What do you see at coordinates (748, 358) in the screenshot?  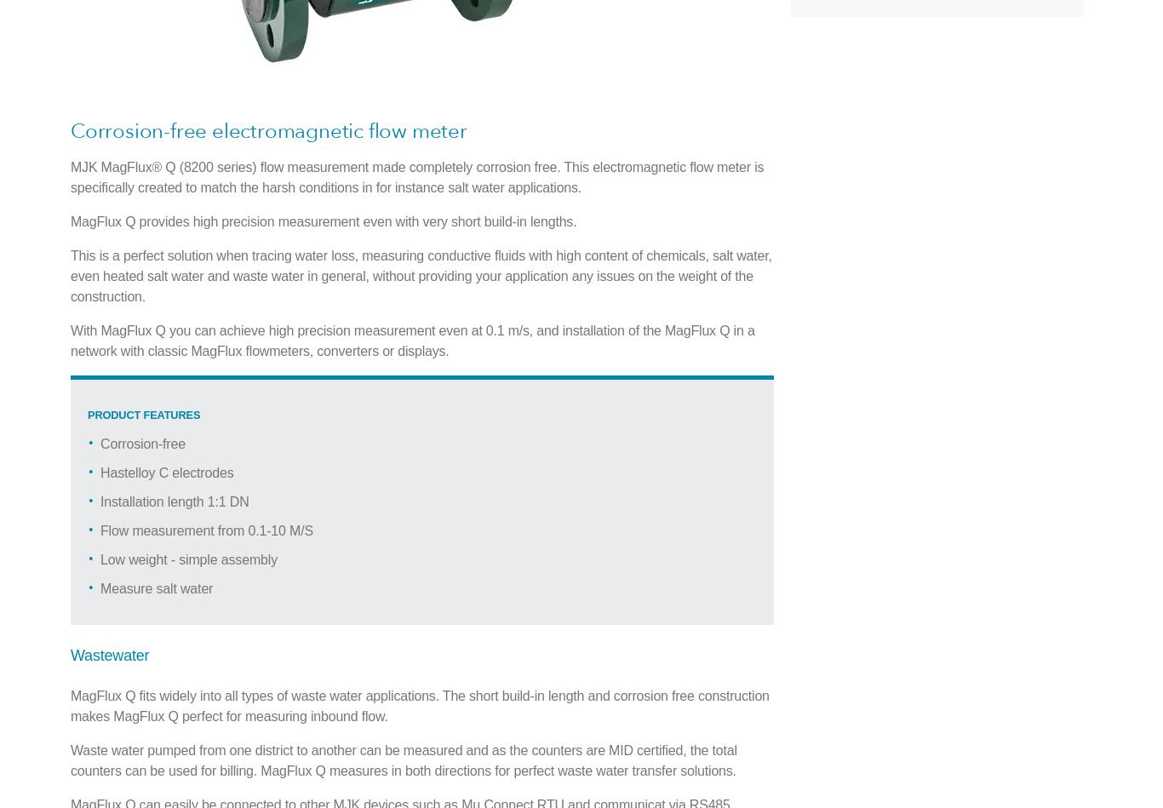 I see `'Company Info'` at bounding box center [748, 358].